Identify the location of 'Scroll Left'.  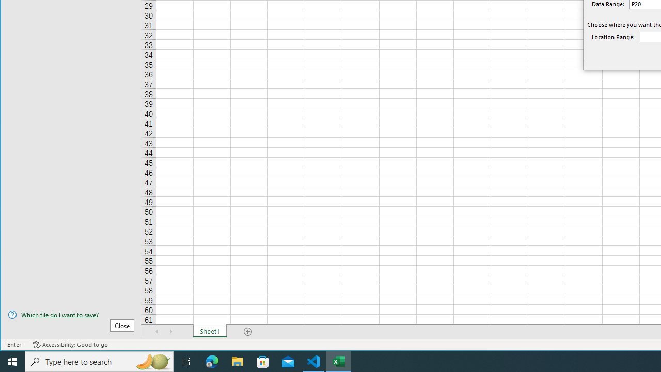
(156, 331).